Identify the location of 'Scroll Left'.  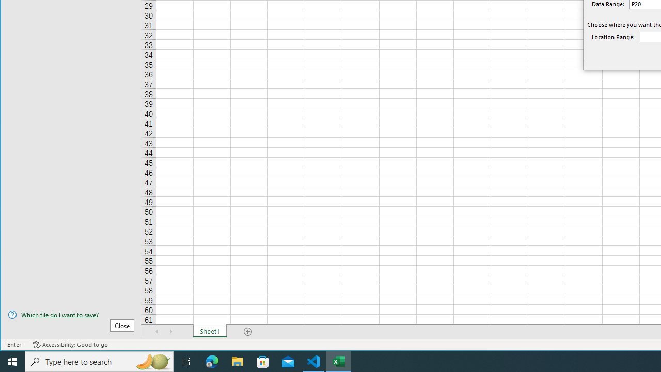
(156, 331).